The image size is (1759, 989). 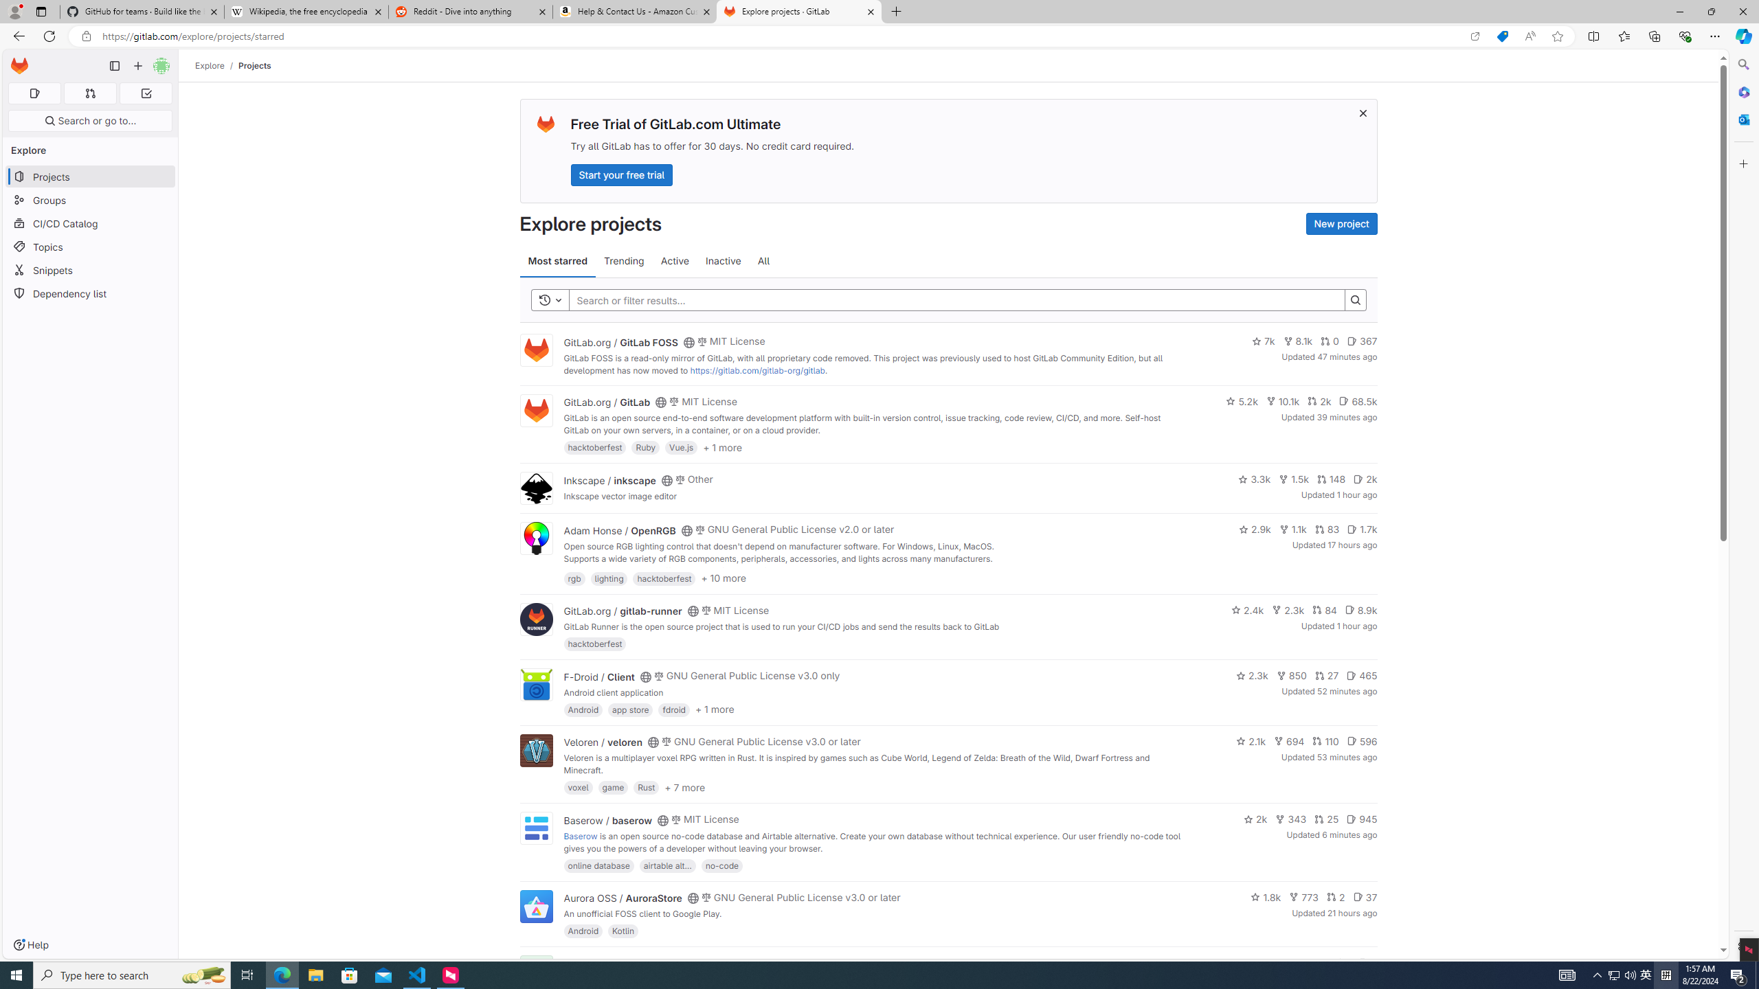 What do you see at coordinates (1336, 896) in the screenshot?
I see `'2'` at bounding box center [1336, 896].